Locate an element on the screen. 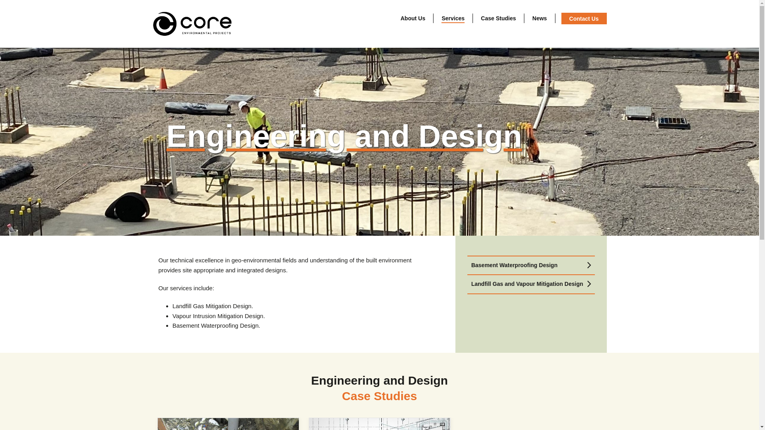 The width and height of the screenshot is (765, 430). 'News' is located at coordinates (539, 18).